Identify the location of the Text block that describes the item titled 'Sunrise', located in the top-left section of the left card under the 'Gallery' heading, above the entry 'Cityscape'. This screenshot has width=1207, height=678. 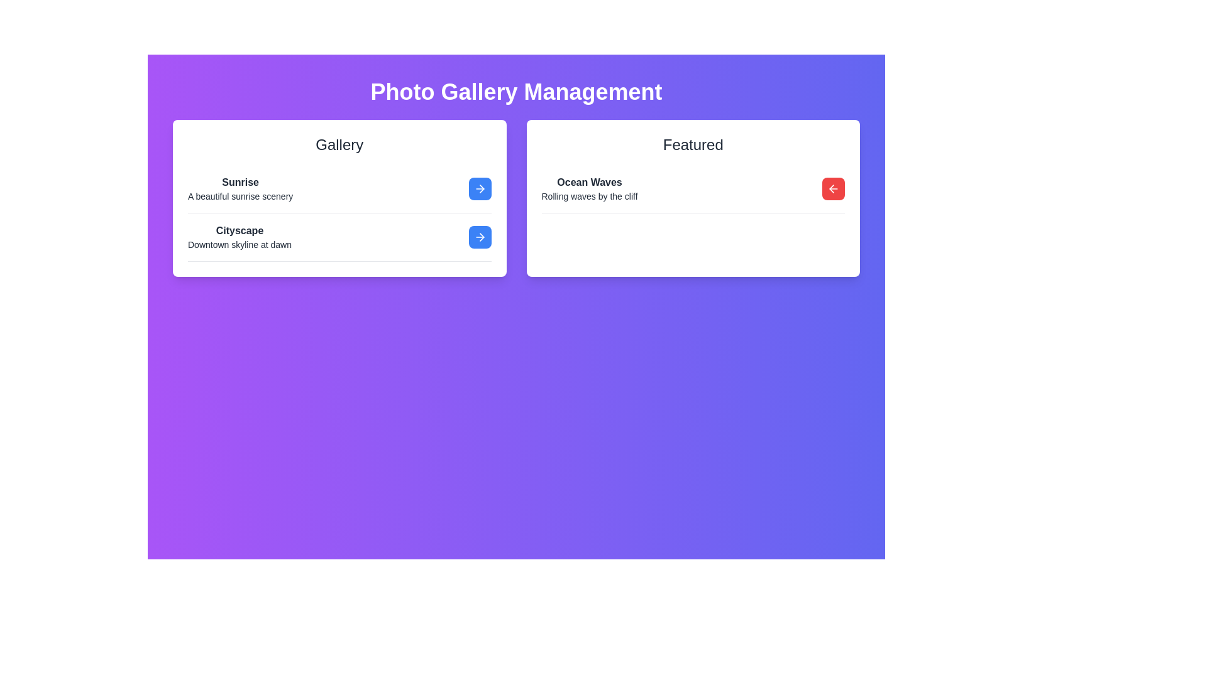
(240, 188).